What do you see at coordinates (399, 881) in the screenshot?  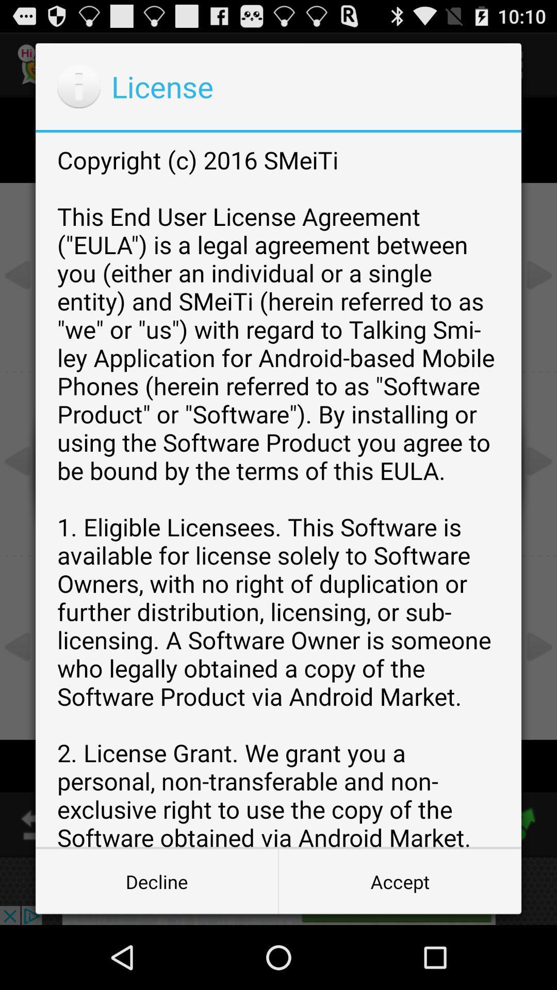 I see `item below the copyright c 2016 icon` at bounding box center [399, 881].